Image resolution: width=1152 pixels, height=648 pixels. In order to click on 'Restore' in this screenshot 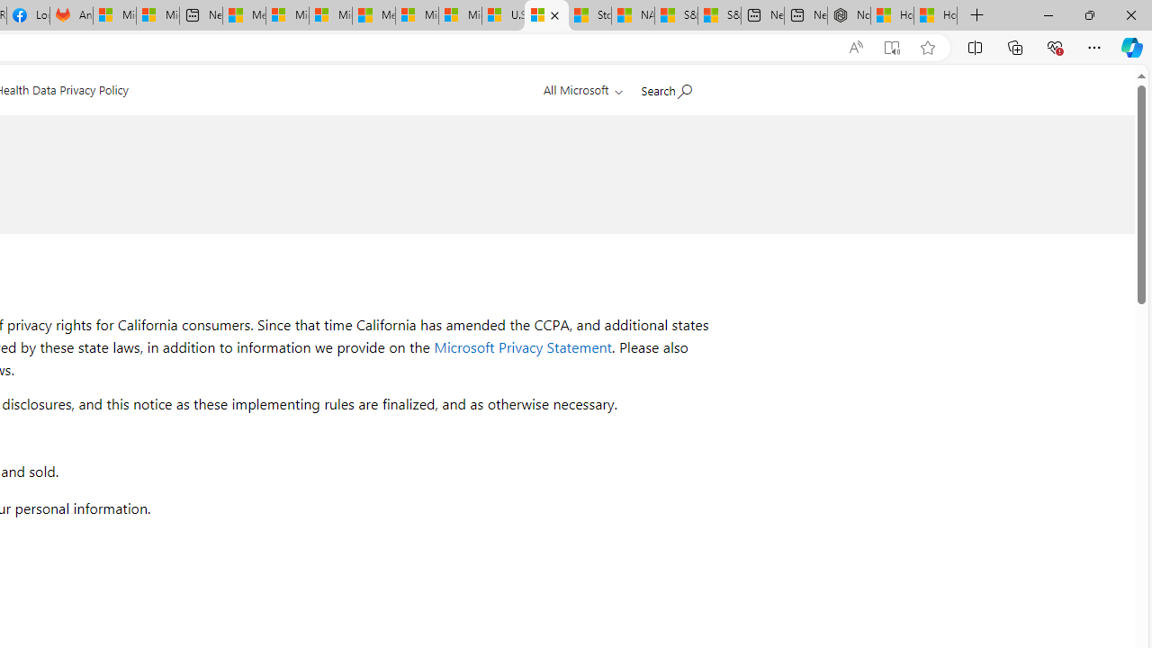, I will do `click(1088, 14)`.